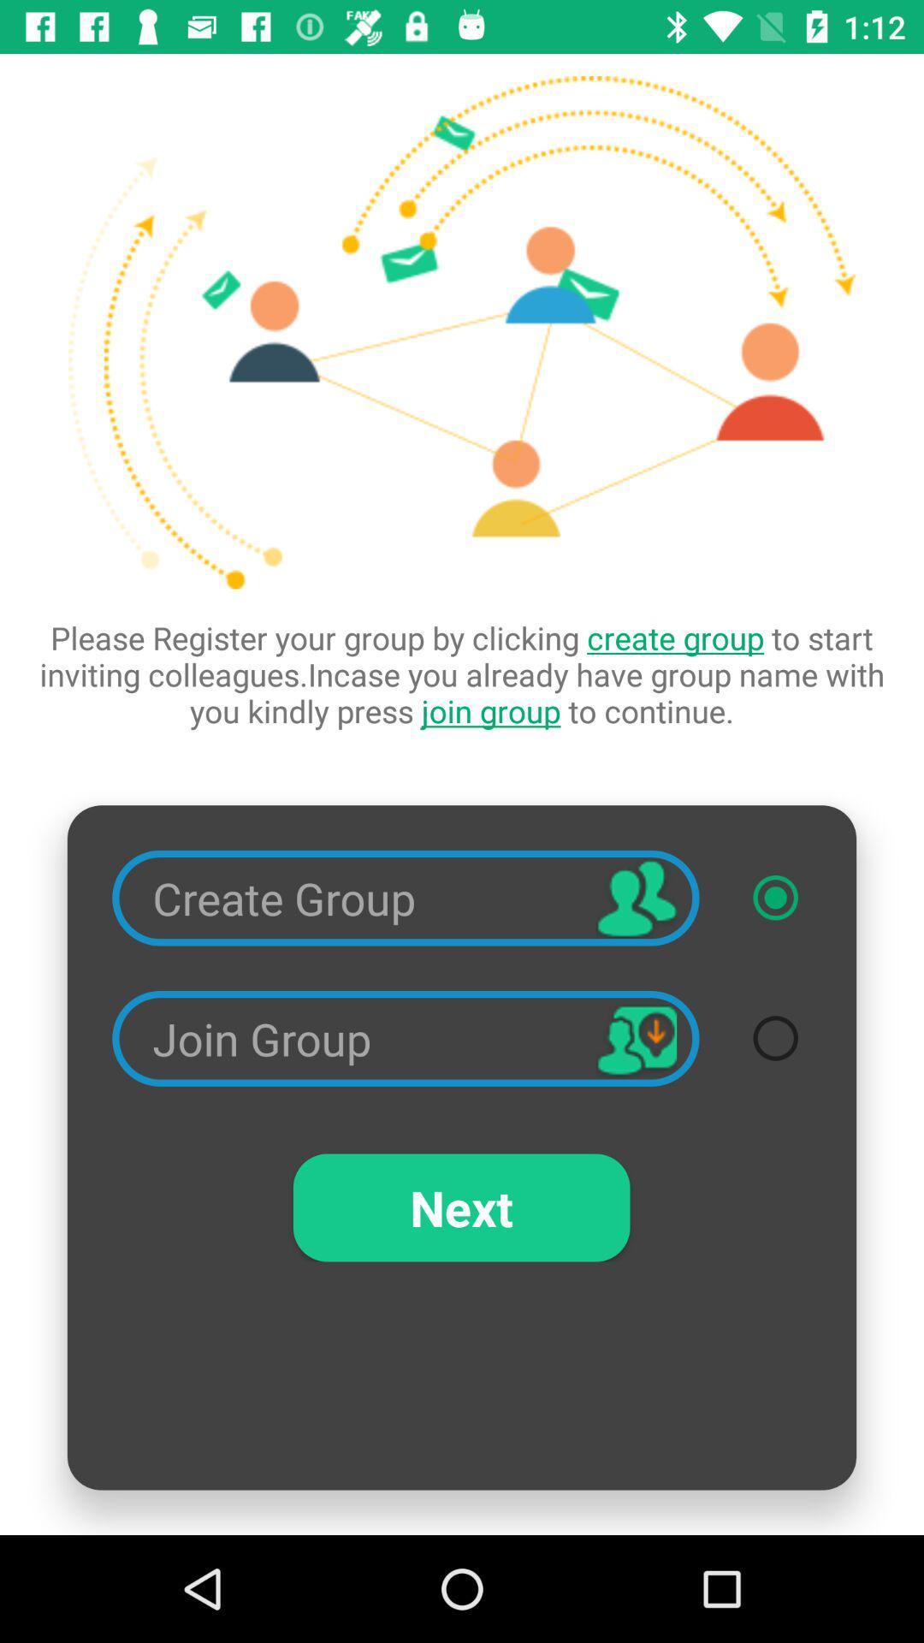 The width and height of the screenshot is (924, 1643). I want to click on the next, so click(460, 1207).